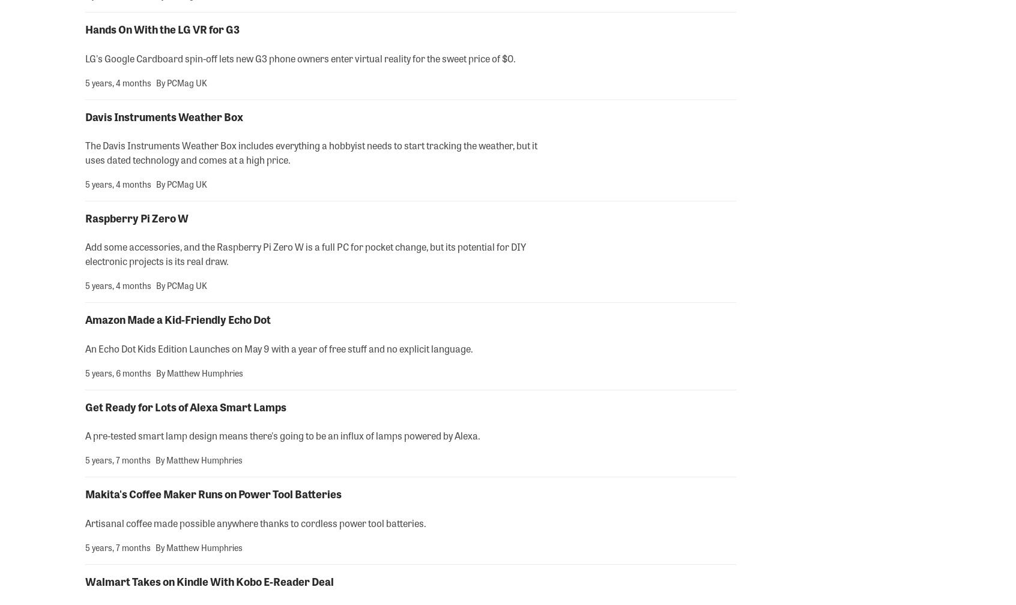 The image size is (1016, 605). Describe the element at coordinates (300, 57) in the screenshot. I see `'LG's Google Cardboard spin-off lets new G3 phone owners enter virtual reality for the sweet price of $0.'` at that location.